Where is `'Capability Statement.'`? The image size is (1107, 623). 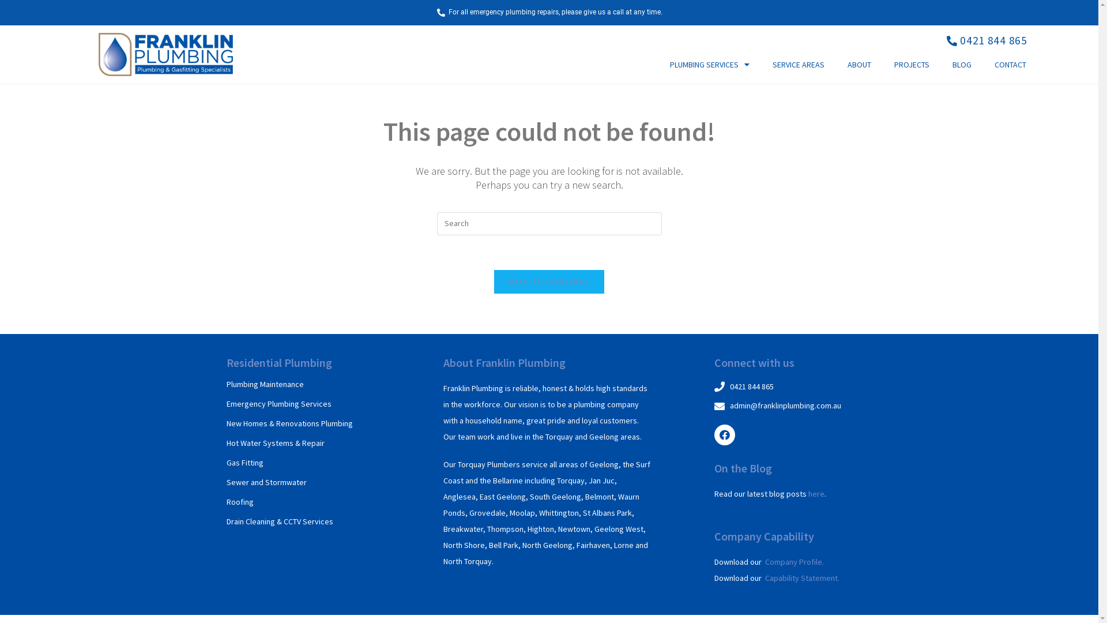
'Capability Statement.' is located at coordinates (765, 578).